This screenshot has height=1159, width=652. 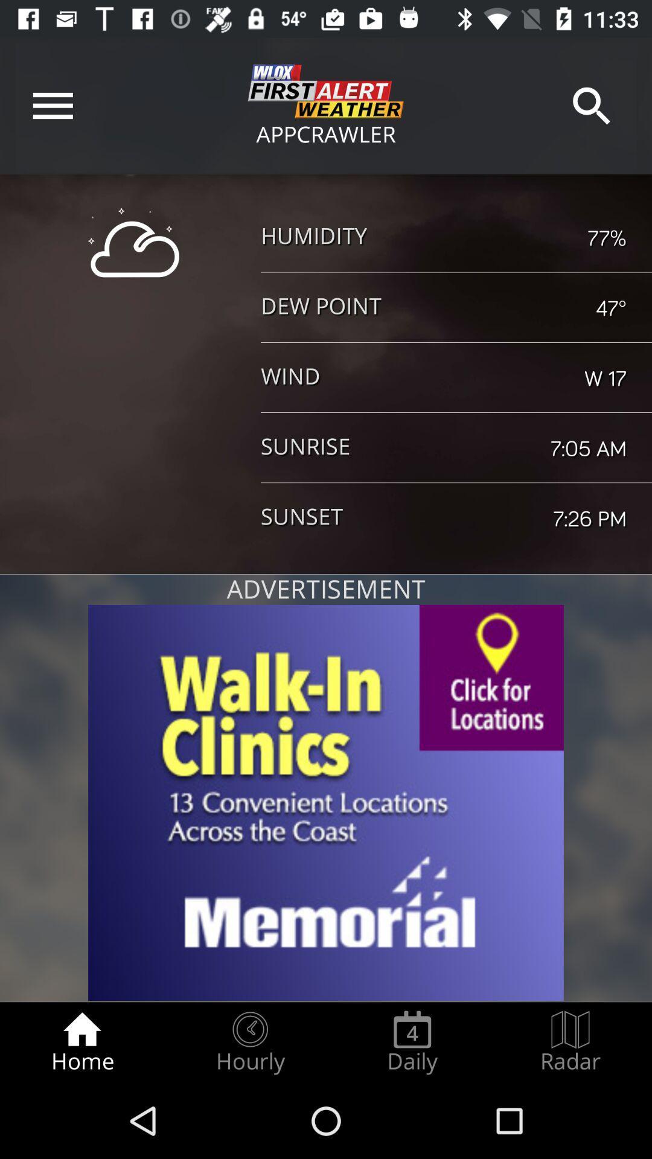 What do you see at coordinates (591, 106) in the screenshot?
I see `top right icon of the page` at bounding box center [591, 106].